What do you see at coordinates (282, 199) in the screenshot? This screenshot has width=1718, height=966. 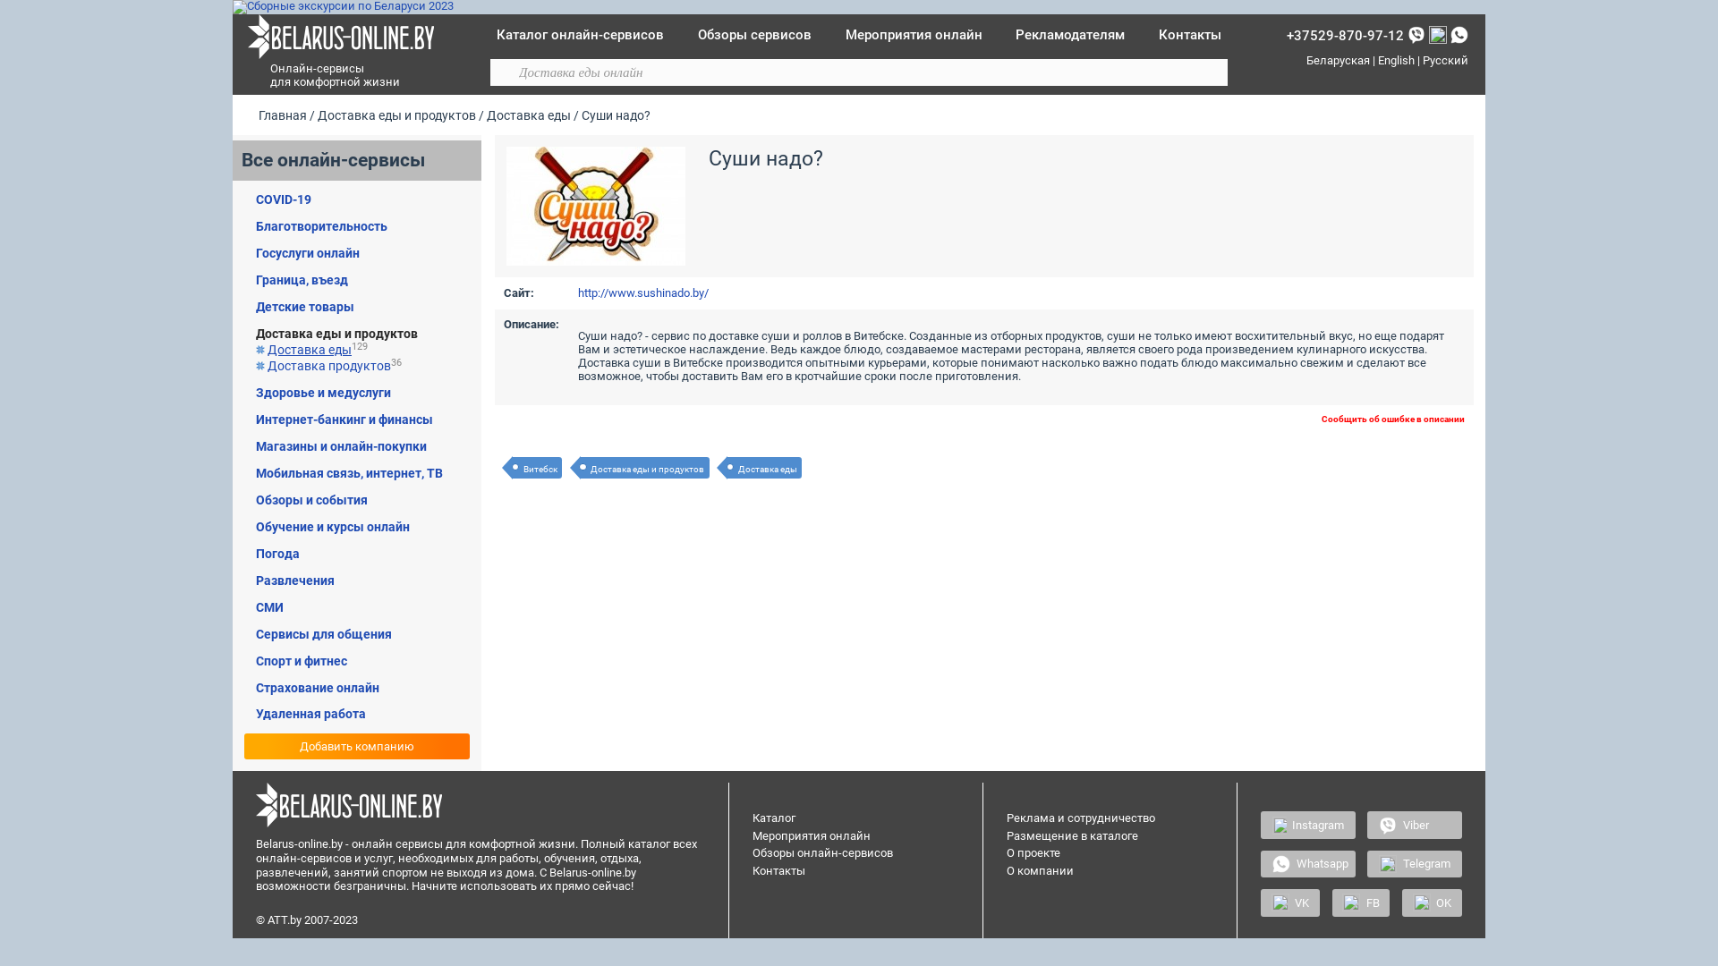 I see `'COVID-19'` at bounding box center [282, 199].